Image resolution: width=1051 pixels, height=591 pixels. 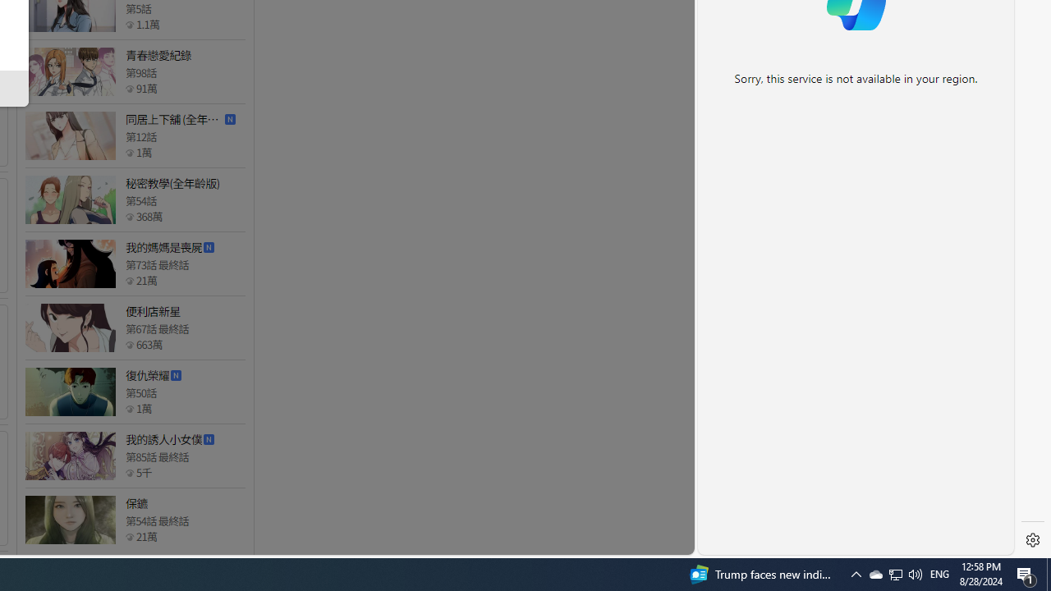 What do you see at coordinates (1032, 540) in the screenshot?
I see `'Settings'` at bounding box center [1032, 540].